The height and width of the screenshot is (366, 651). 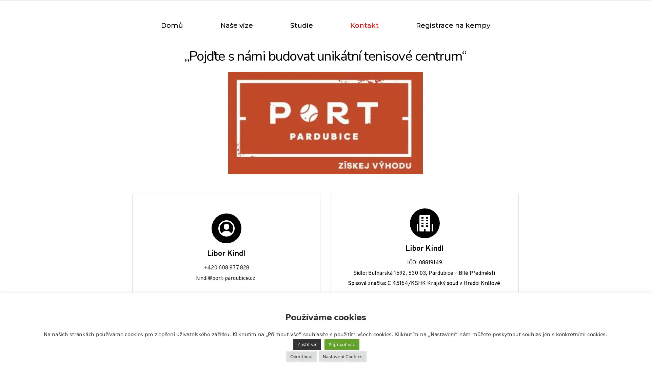 What do you see at coordinates (342, 356) in the screenshot?
I see `Nastaveni Cookies` at bounding box center [342, 356].